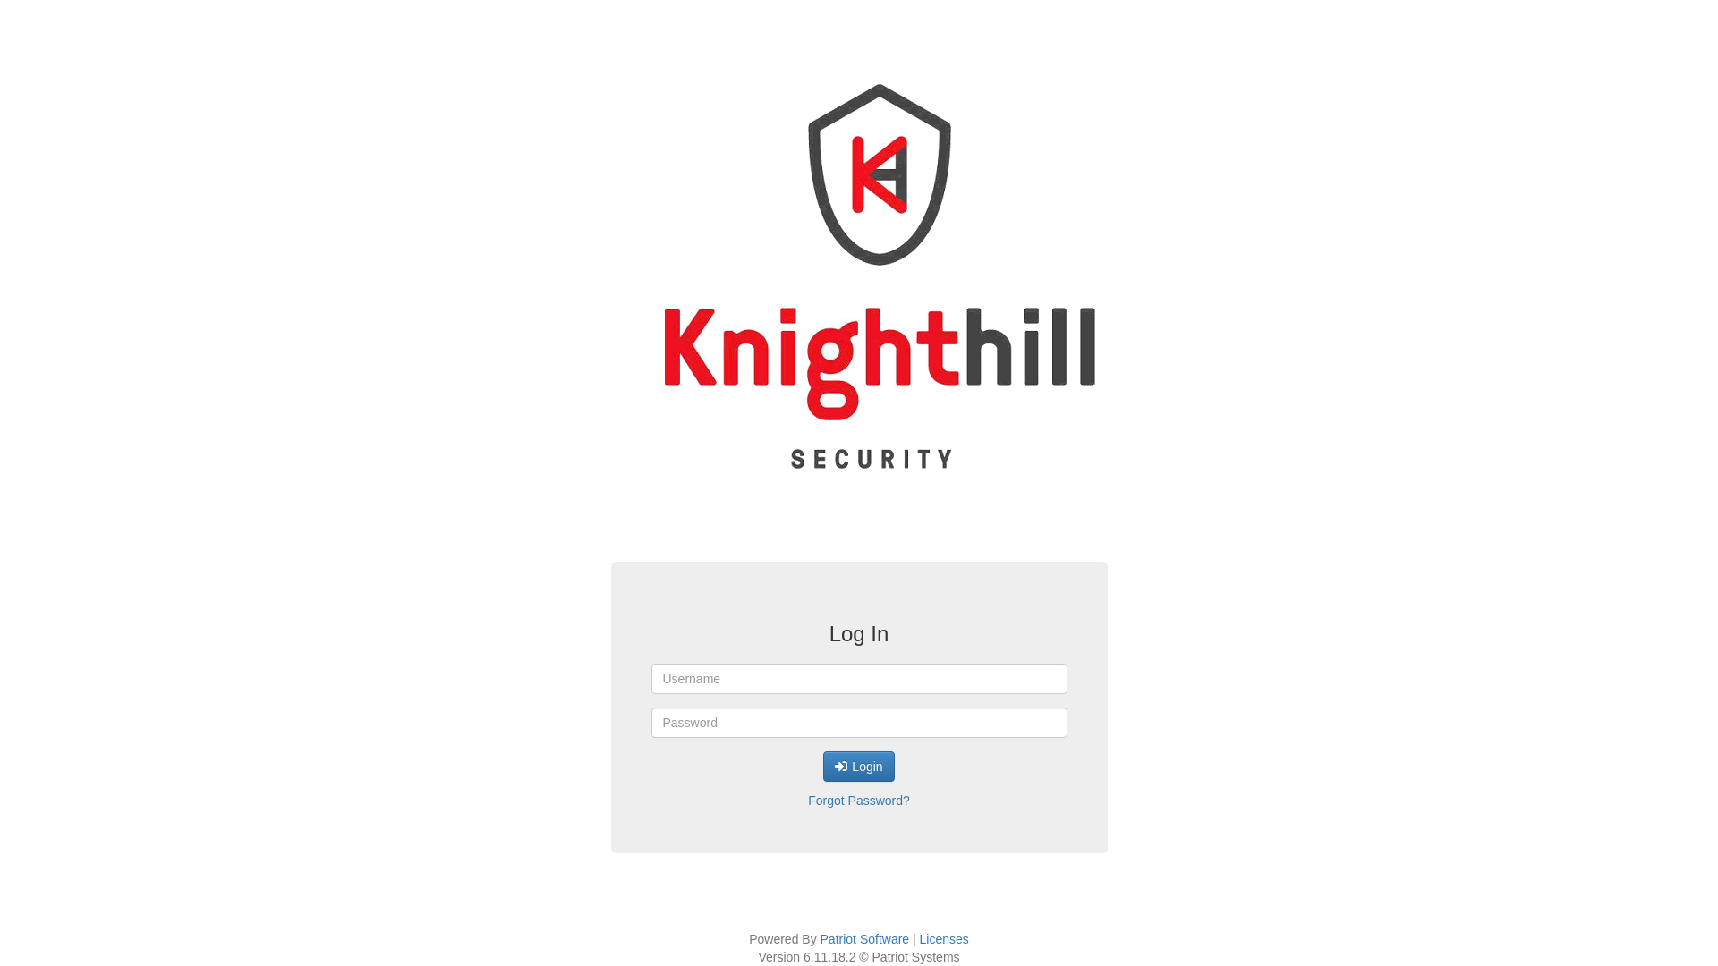 This screenshot has height=966, width=1718. What do you see at coordinates (919, 937) in the screenshot?
I see `'Licenses'` at bounding box center [919, 937].